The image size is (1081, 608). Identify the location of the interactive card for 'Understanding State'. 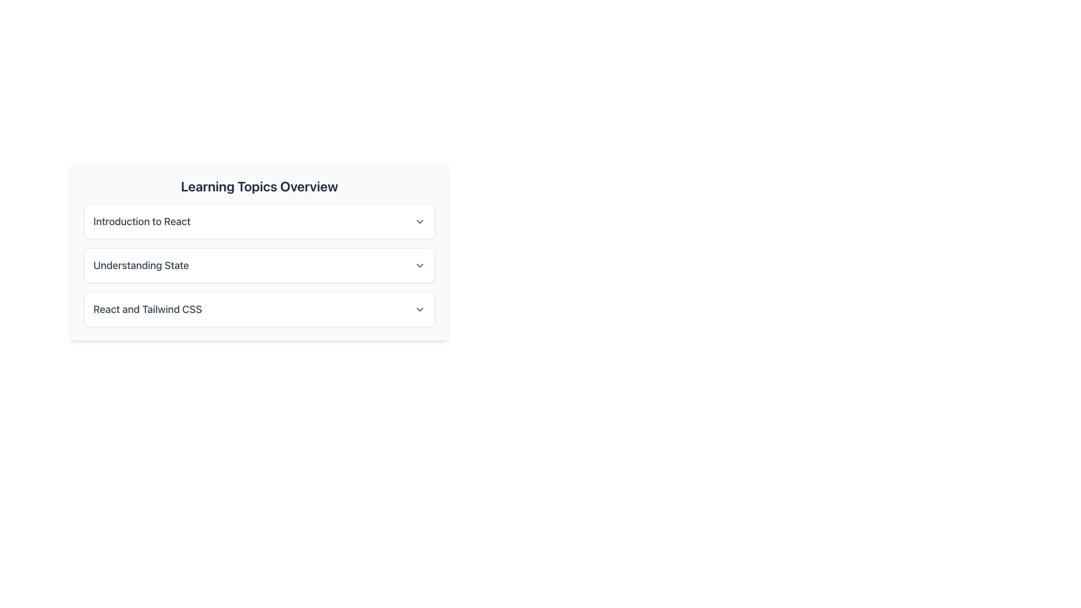
(258, 251).